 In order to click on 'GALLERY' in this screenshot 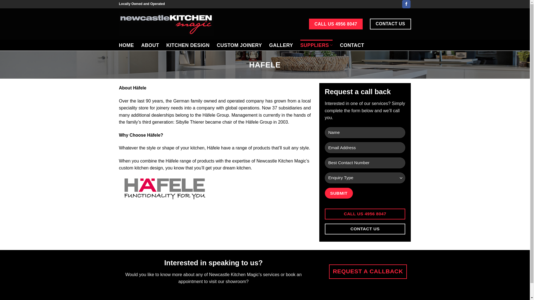, I will do `click(281, 45)`.